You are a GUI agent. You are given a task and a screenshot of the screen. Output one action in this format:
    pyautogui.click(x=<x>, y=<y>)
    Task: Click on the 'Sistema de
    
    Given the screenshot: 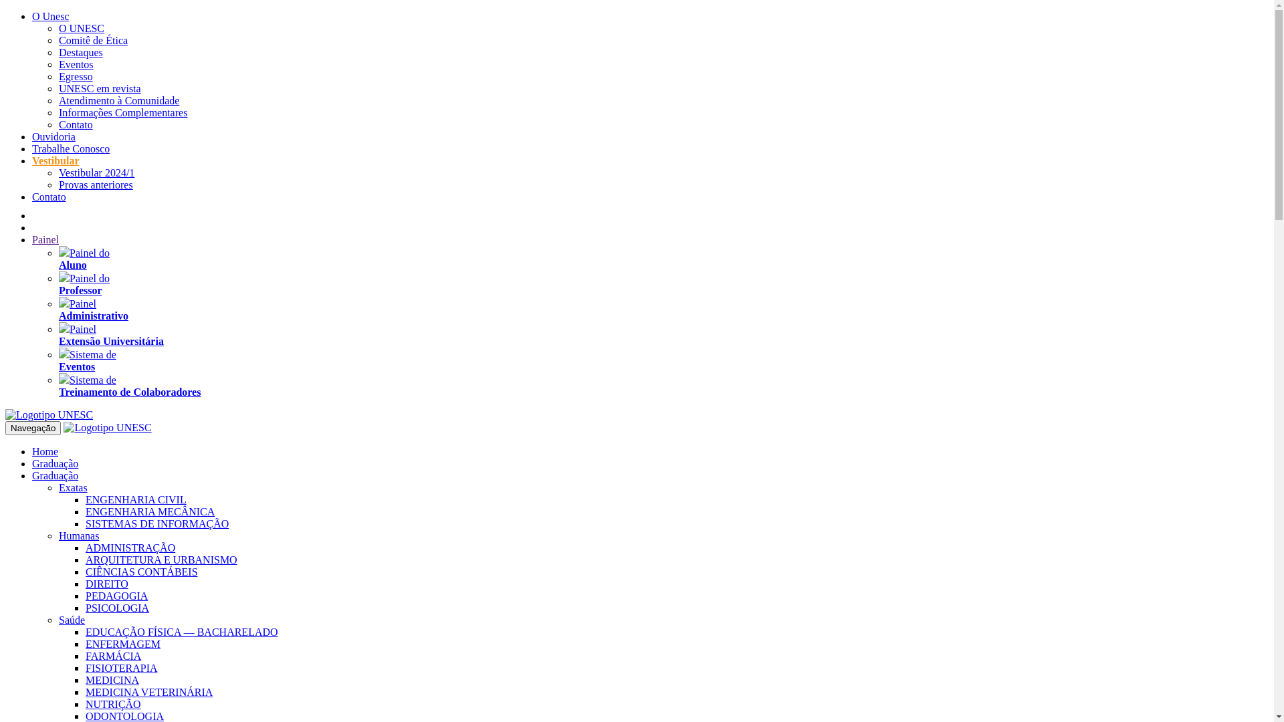 What is the action you would take?
    pyautogui.click(x=58, y=360)
    